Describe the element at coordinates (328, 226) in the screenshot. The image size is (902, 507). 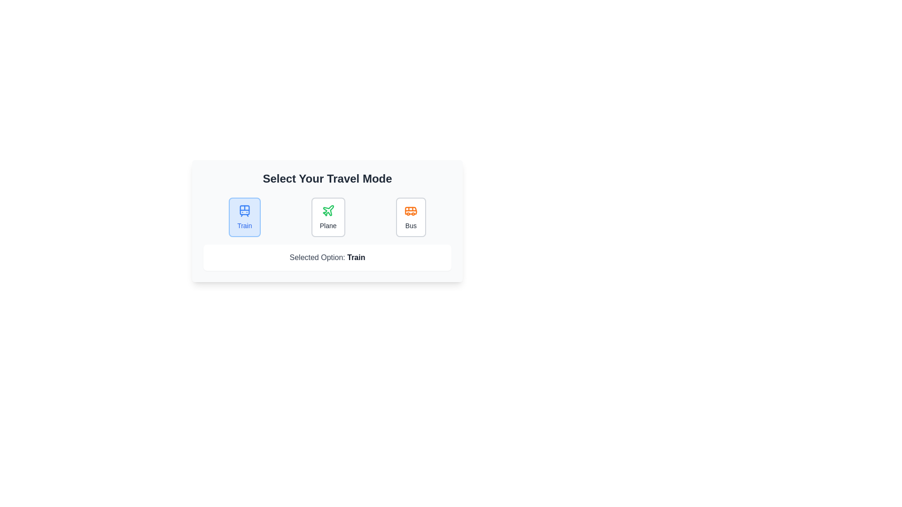
I see `the text label that informs the user about the selection 'Plane', which is positioned below the airplane icon in the travel mode selection section` at that location.